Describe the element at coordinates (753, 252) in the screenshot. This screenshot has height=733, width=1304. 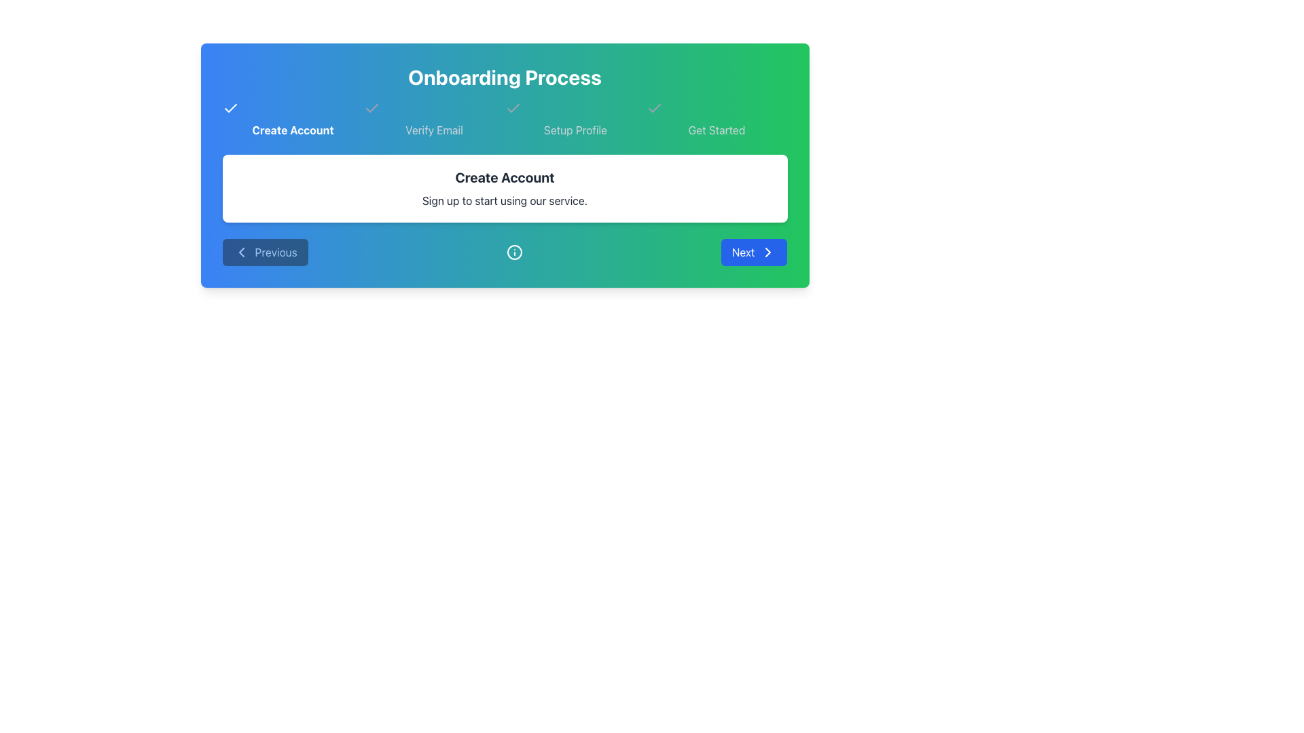
I see `the navigation button located at the bottom-right of the interface to proceed to the next step in the multi-step process` at that location.